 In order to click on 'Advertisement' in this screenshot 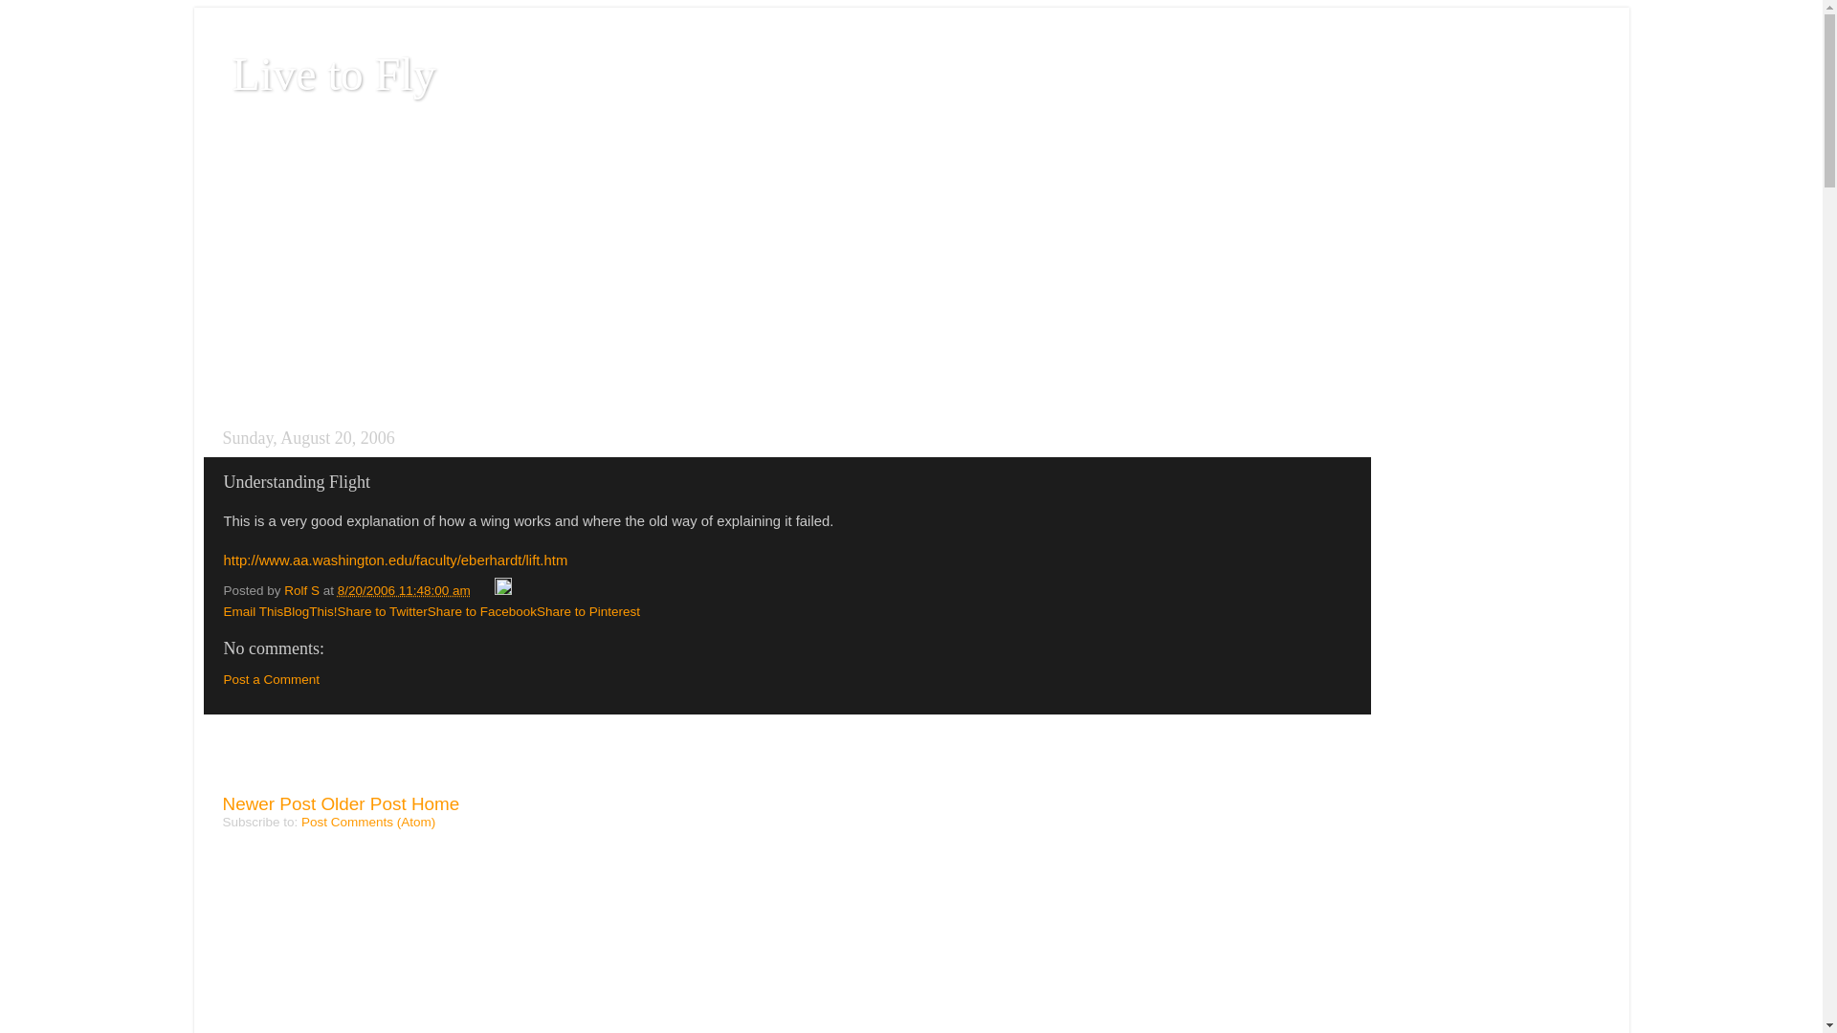, I will do `click(334, 761)`.